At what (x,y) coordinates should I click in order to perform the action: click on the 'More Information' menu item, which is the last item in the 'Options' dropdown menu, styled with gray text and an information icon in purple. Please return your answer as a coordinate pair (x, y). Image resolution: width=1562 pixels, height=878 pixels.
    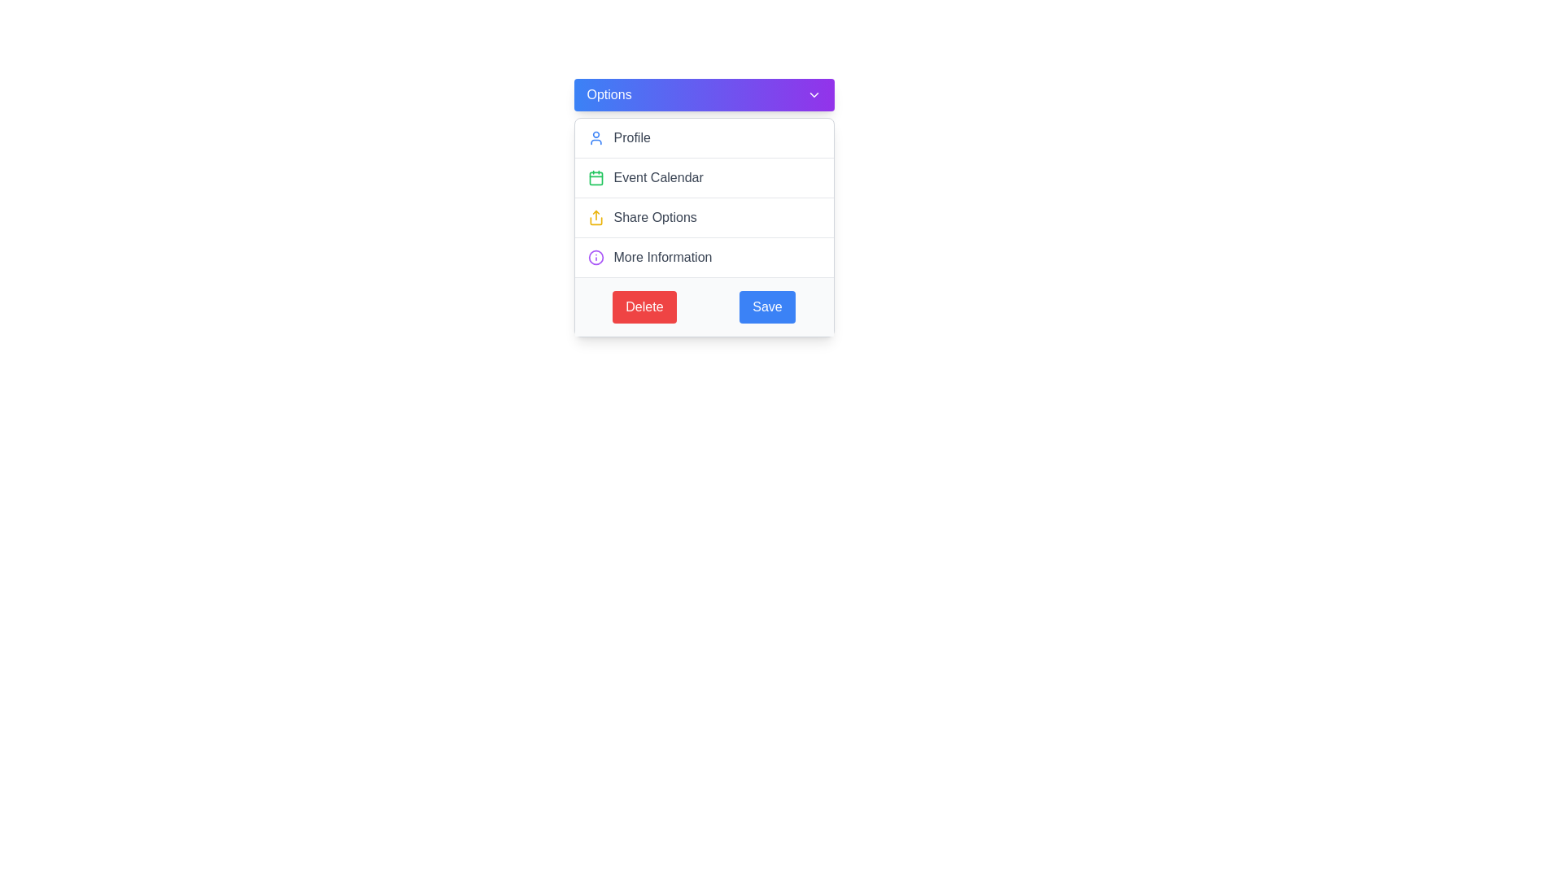
    Looking at the image, I should click on (704, 256).